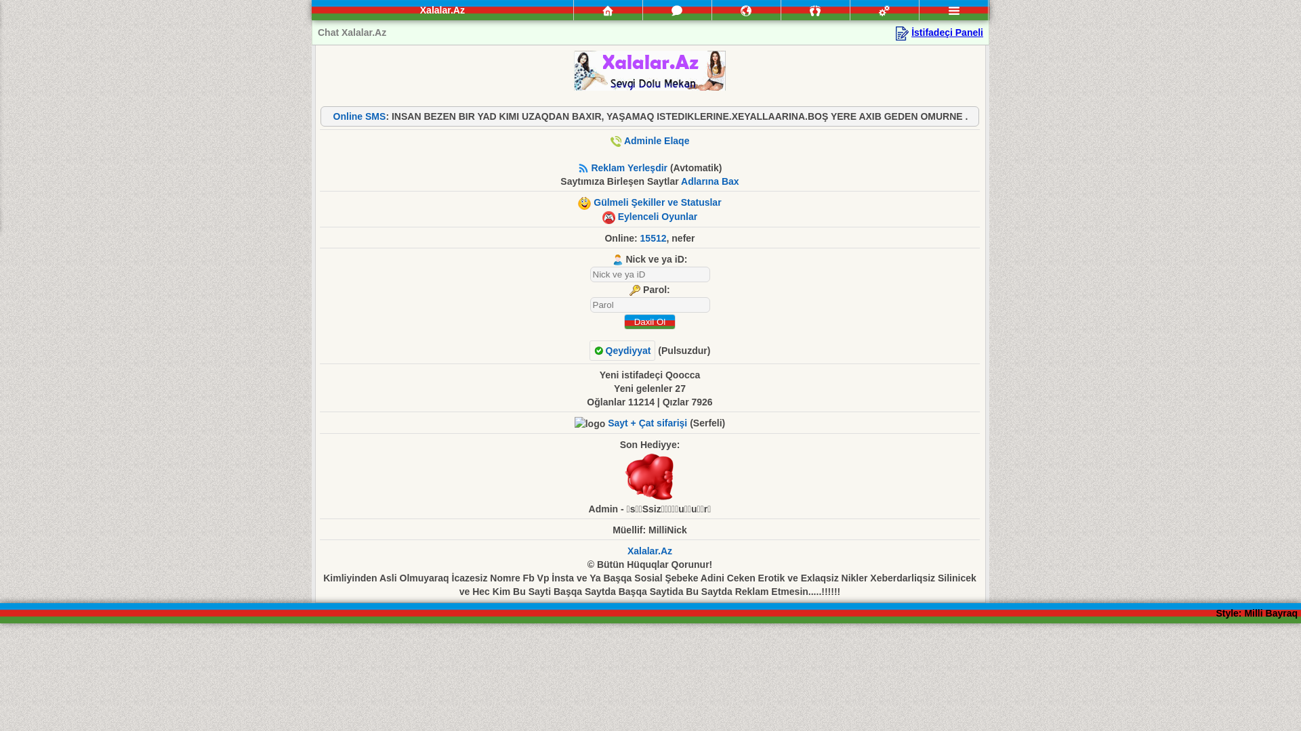  Describe the element at coordinates (648, 274) in the screenshot. I see `'nick'` at that location.